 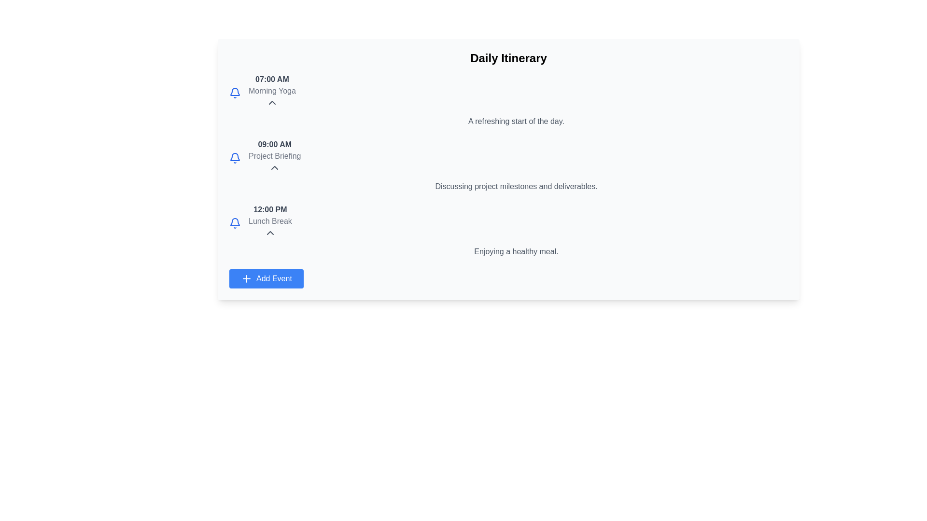 I want to click on the upward-pointing chevron arrow icon button located beneath 'Morning Yoga' at 07:00 AM, so click(x=271, y=102).